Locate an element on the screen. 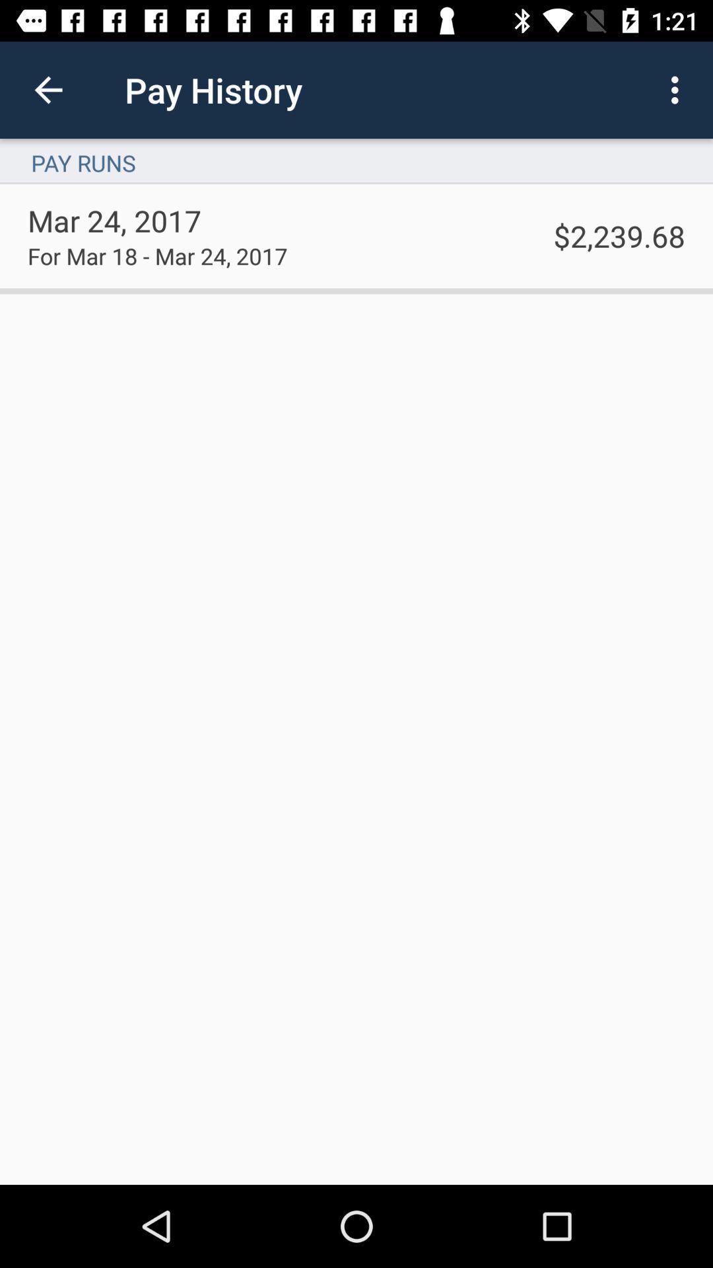 This screenshot has height=1268, width=713. the icon to the left of pay history icon is located at coordinates (48, 89).